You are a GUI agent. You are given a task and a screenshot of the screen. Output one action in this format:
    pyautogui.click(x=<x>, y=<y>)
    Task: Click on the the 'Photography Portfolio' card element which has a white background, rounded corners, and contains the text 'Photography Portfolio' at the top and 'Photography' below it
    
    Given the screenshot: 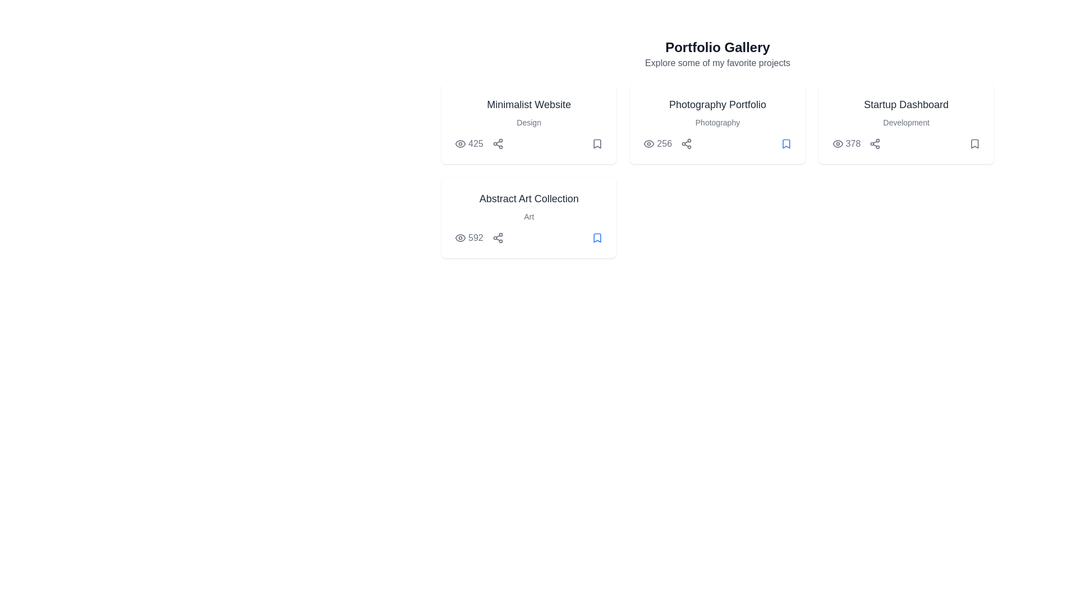 What is the action you would take?
    pyautogui.click(x=717, y=123)
    